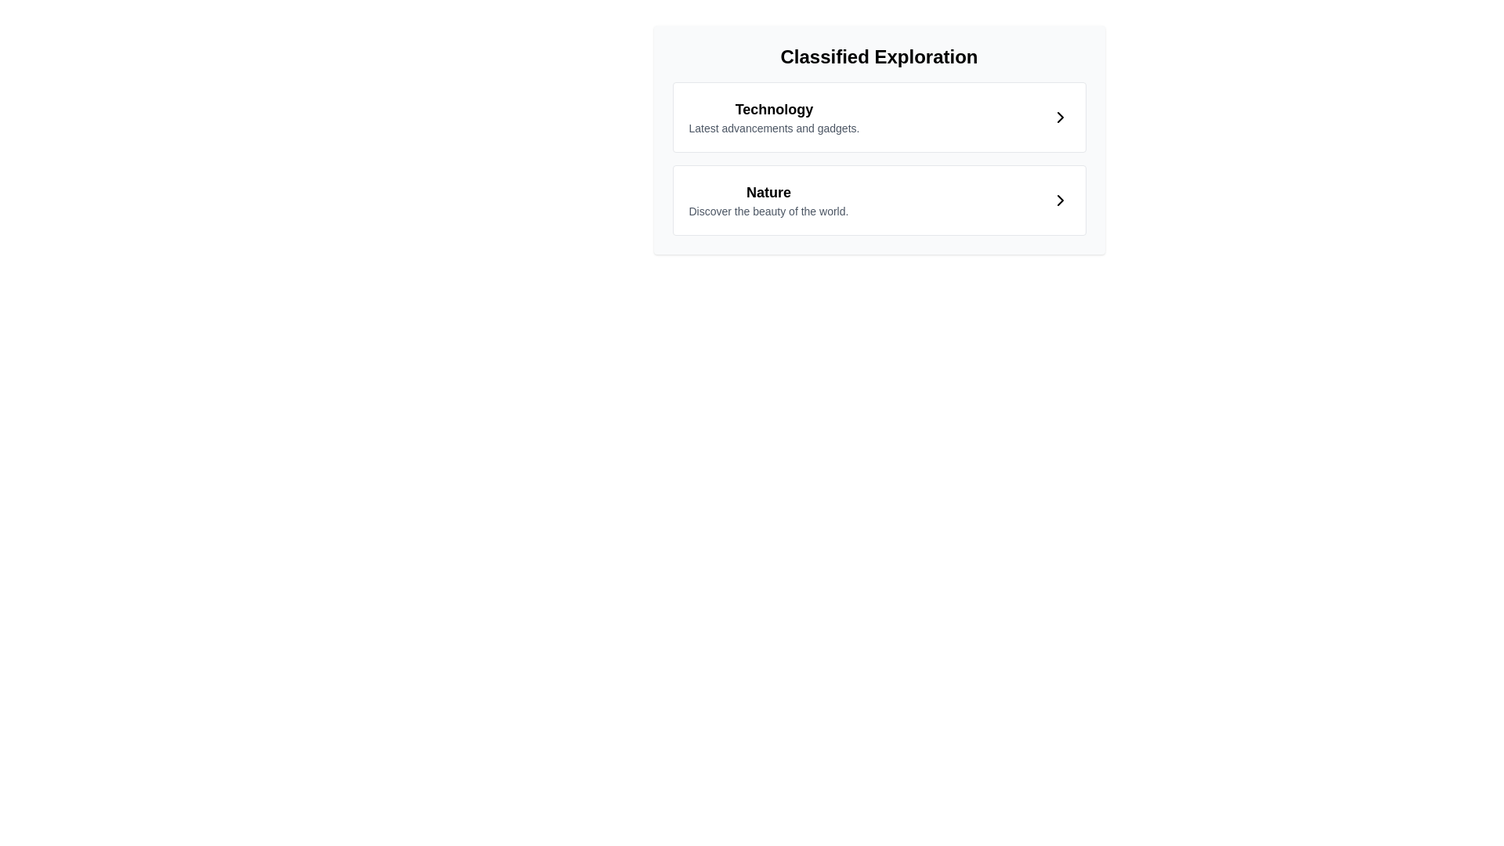  Describe the element at coordinates (1060, 199) in the screenshot. I see `the navigation icon located beside the 'Nature' label in the second row of the list layout` at that location.